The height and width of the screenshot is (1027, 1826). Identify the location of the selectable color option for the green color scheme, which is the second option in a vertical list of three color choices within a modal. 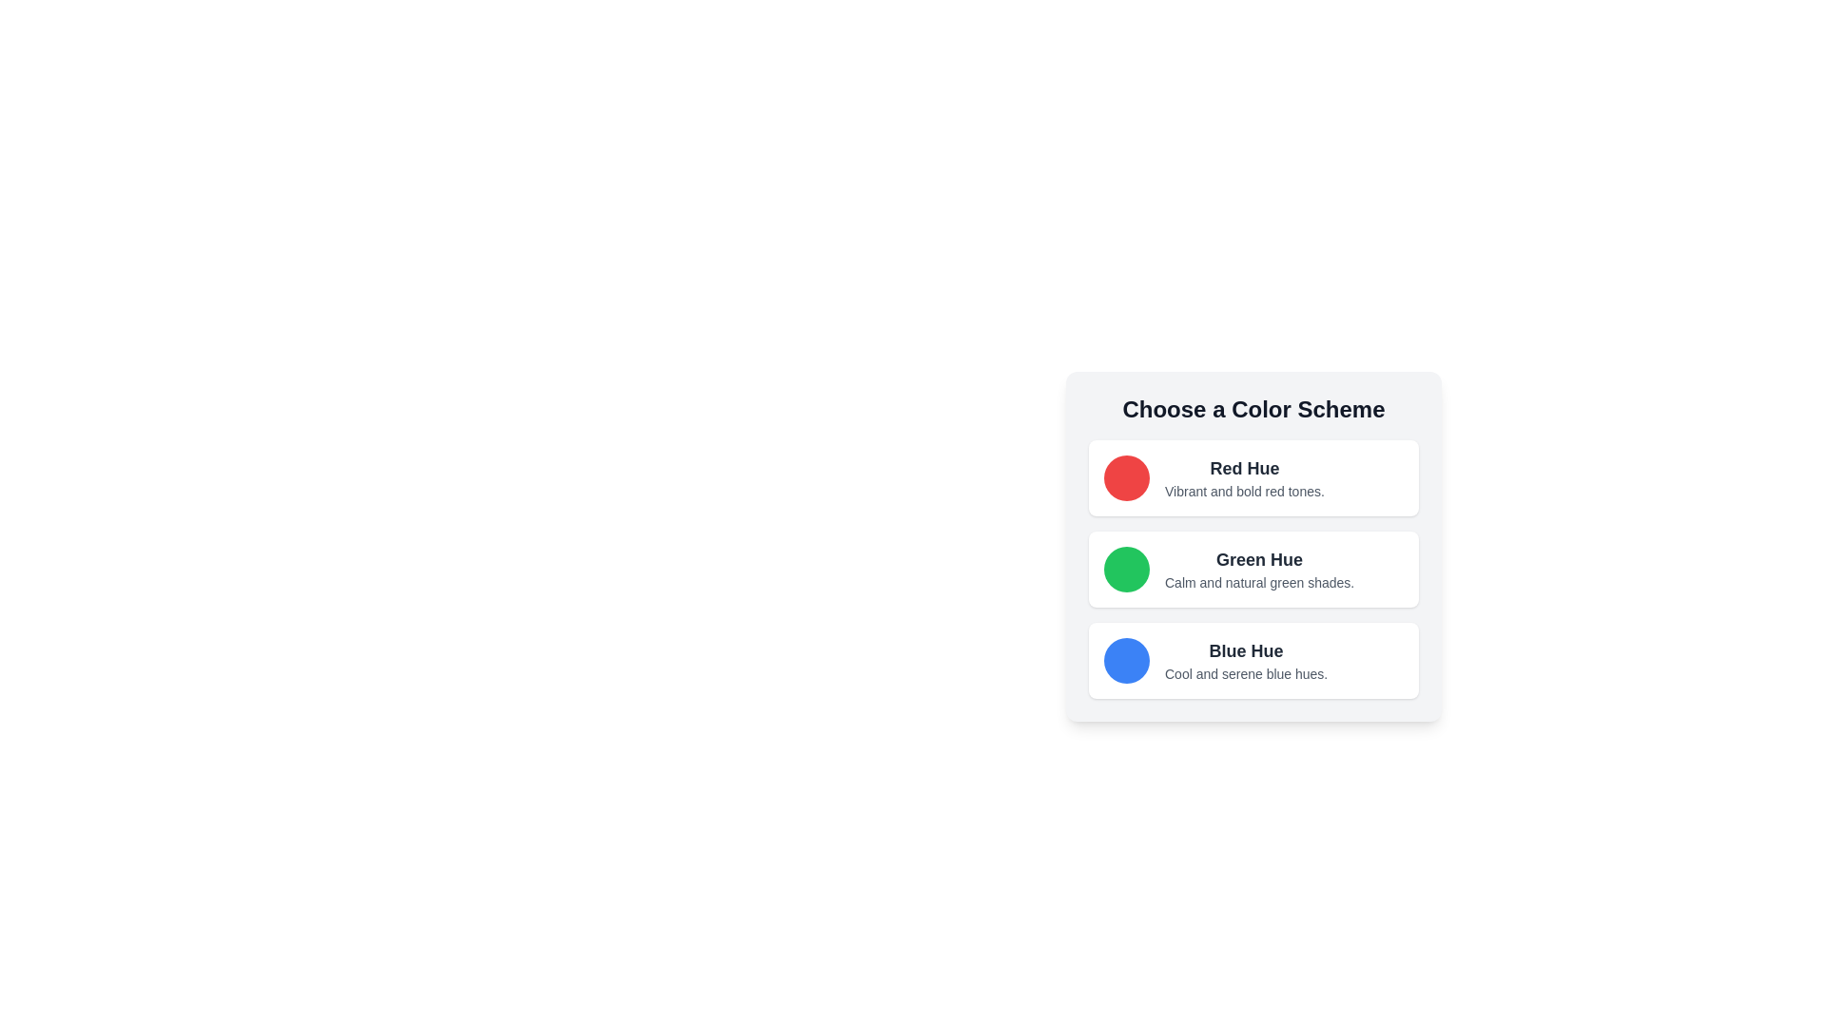
(1253, 602).